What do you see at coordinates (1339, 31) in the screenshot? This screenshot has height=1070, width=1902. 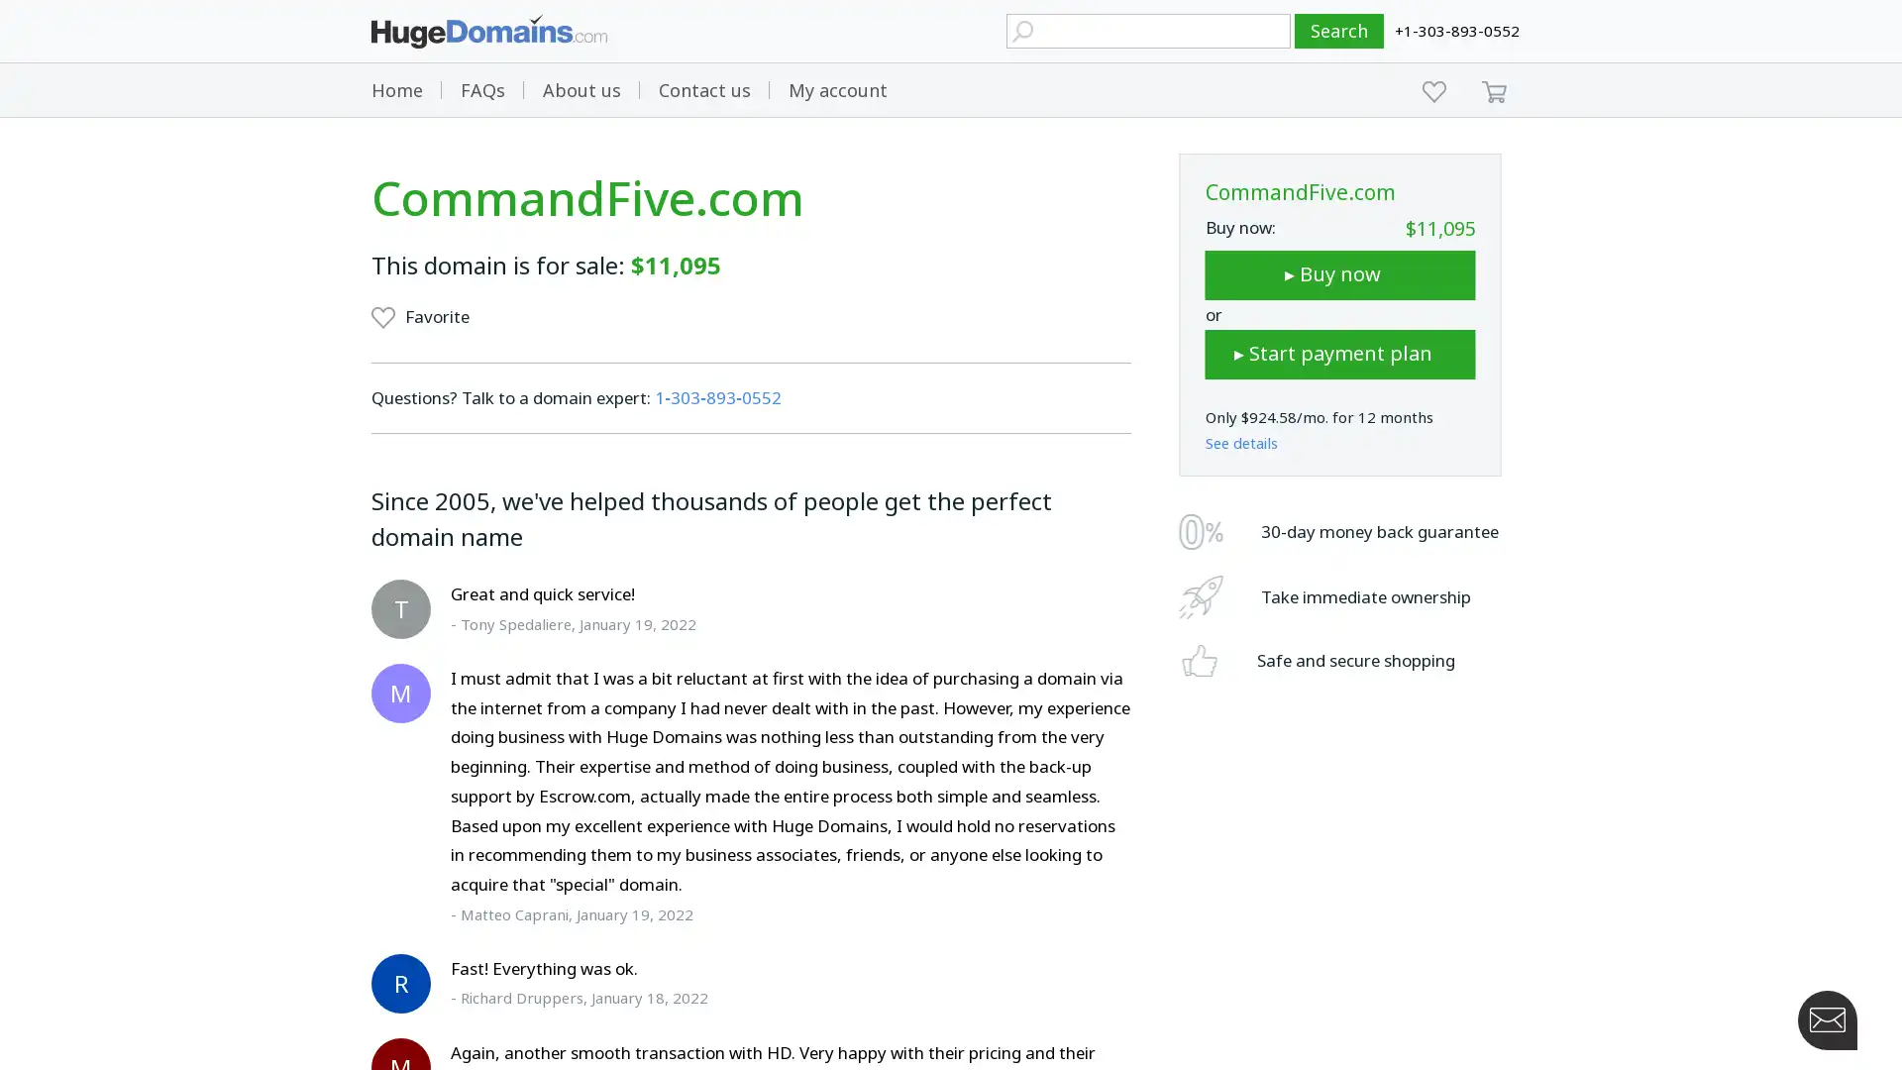 I see `Search` at bounding box center [1339, 31].